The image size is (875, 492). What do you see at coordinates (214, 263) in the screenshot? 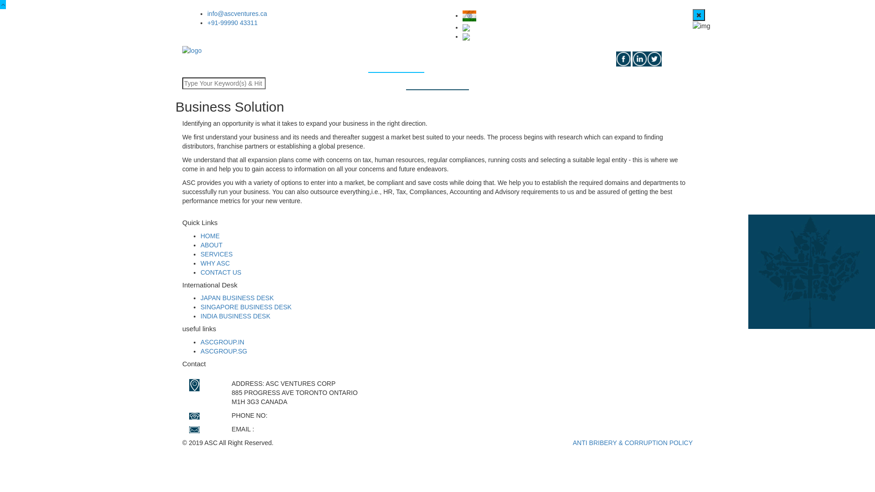
I see `'WHY ASC'` at bounding box center [214, 263].